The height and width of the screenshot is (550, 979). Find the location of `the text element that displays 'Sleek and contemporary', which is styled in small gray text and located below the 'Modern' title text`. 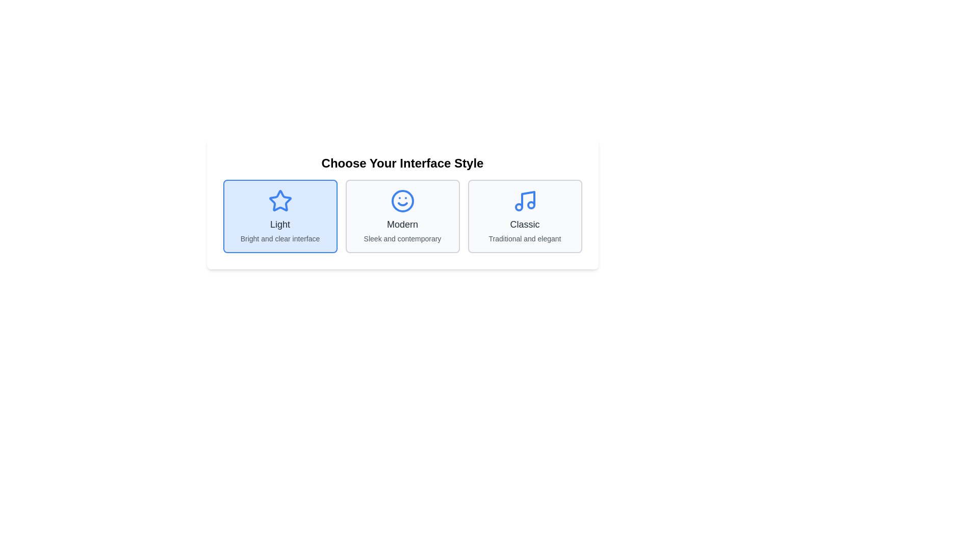

the text element that displays 'Sleek and contemporary', which is styled in small gray text and located below the 'Modern' title text is located at coordinates (402, 239).